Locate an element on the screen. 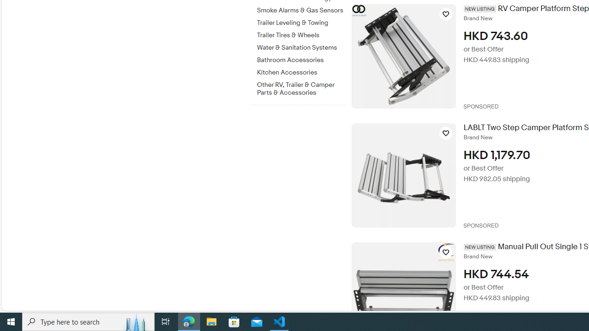 The image size is (589, 331). 'Water & Sanitation Systems' is located at coordinates (300, 48).